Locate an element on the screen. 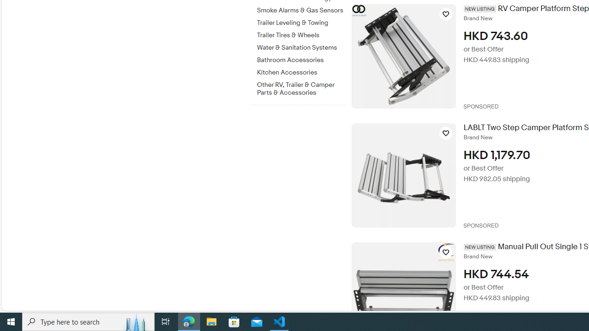 The image size is (589, 331). 'Water & Sanitation Systems' is located at coordinates (300, 48).